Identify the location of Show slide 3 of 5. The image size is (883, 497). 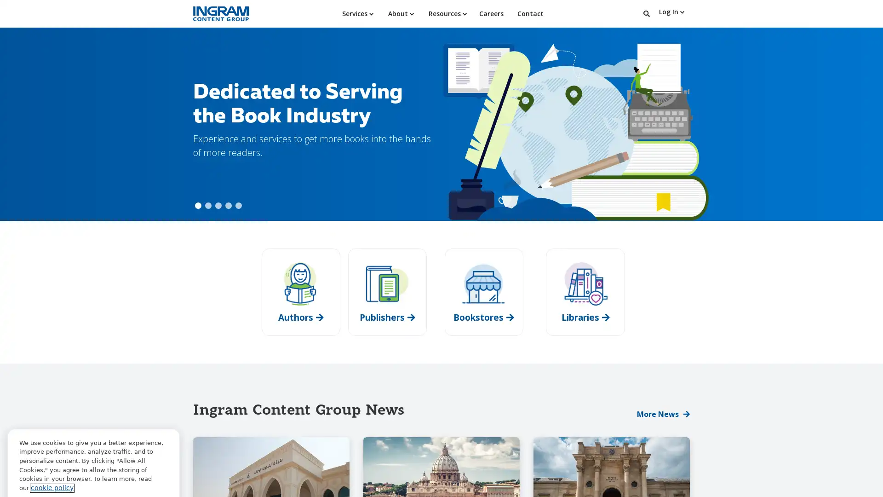
(218, 205).